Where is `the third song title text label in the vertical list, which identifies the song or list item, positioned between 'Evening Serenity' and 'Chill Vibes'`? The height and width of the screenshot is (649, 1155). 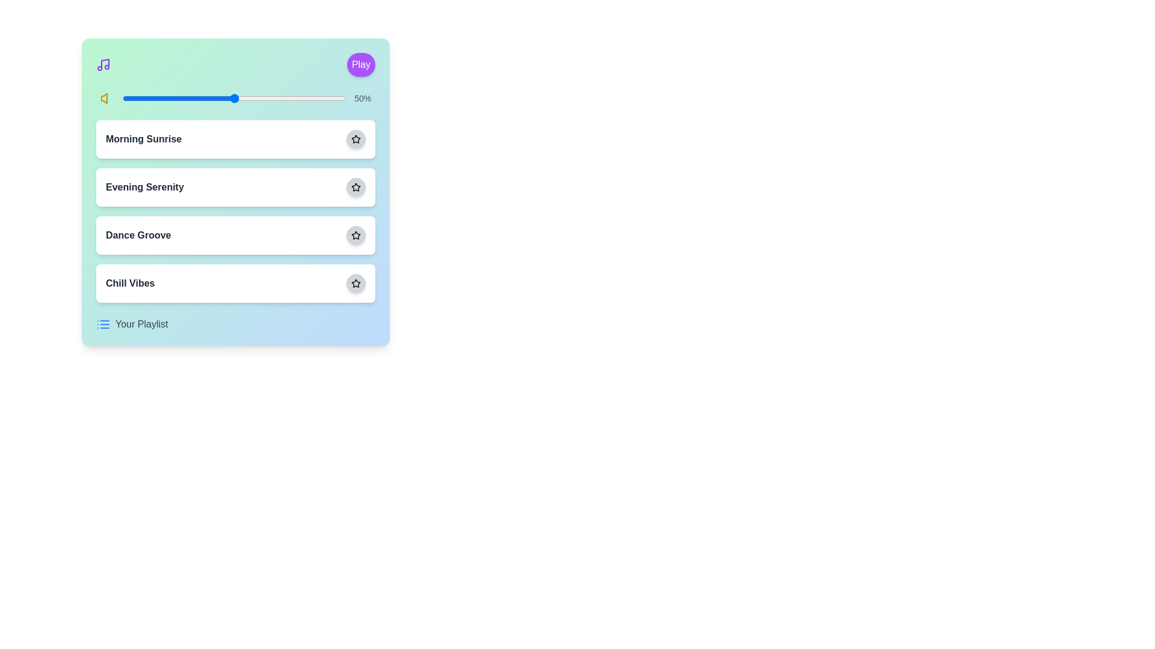 the third song title text label in the vertical list, which identifies the song or list item, positioned between 'Evening Serenity' and 'Chill Vibes' is located at coordinates (138, 236).